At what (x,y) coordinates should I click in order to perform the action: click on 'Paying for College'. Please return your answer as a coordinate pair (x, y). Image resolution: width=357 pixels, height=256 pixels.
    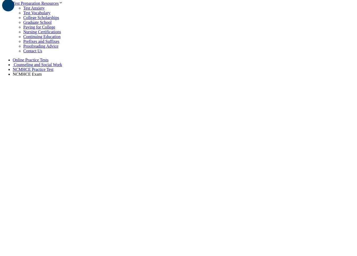
    Looking at the image, I should click on (39, 27).